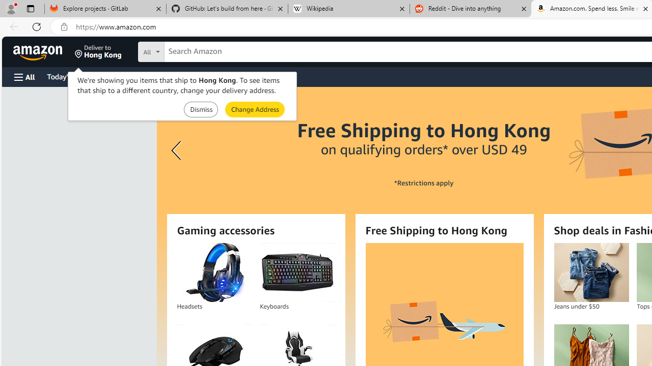 This screenshot has height=366, width=652. I want to click on 'Headsets', so click(214, 272).